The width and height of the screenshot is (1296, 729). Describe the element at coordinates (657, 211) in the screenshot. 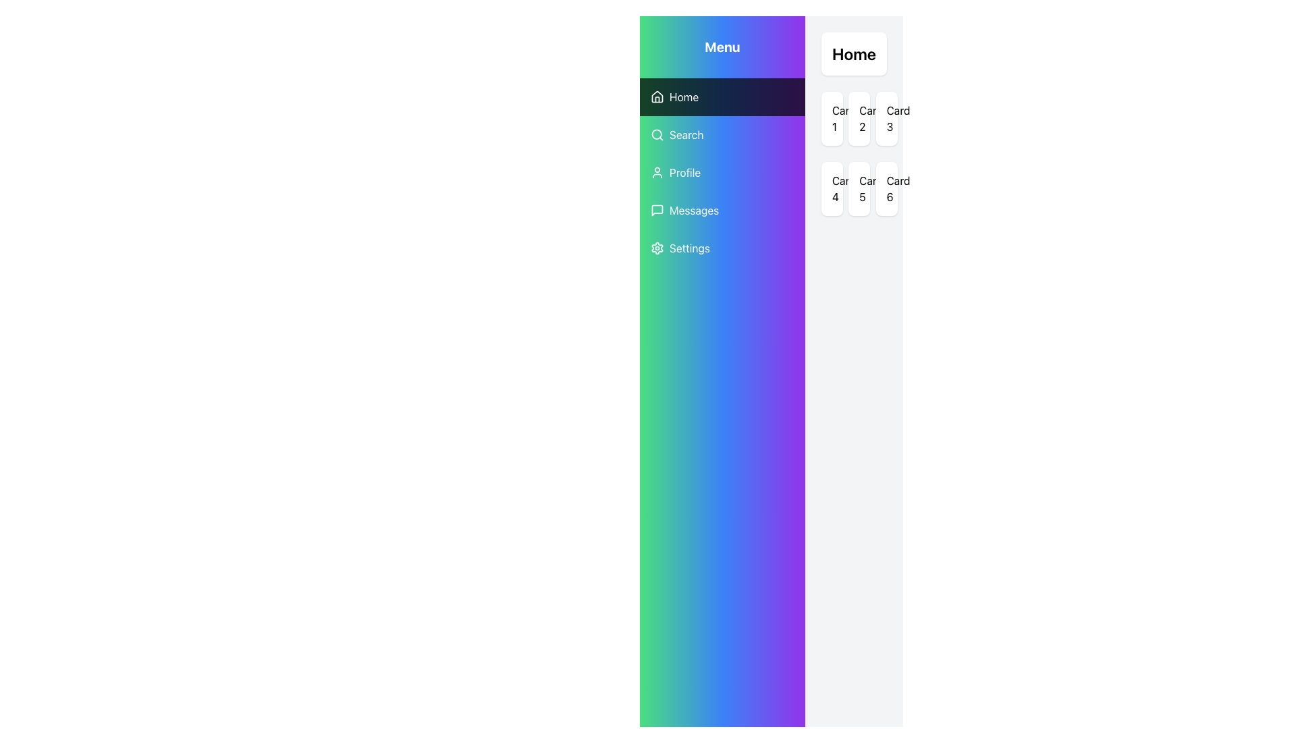

I see `the 'Messages' icon in the sidebar menu, which visually represents the messages functionality and is positioned adjacent to the text label 'Messages'` at that location.